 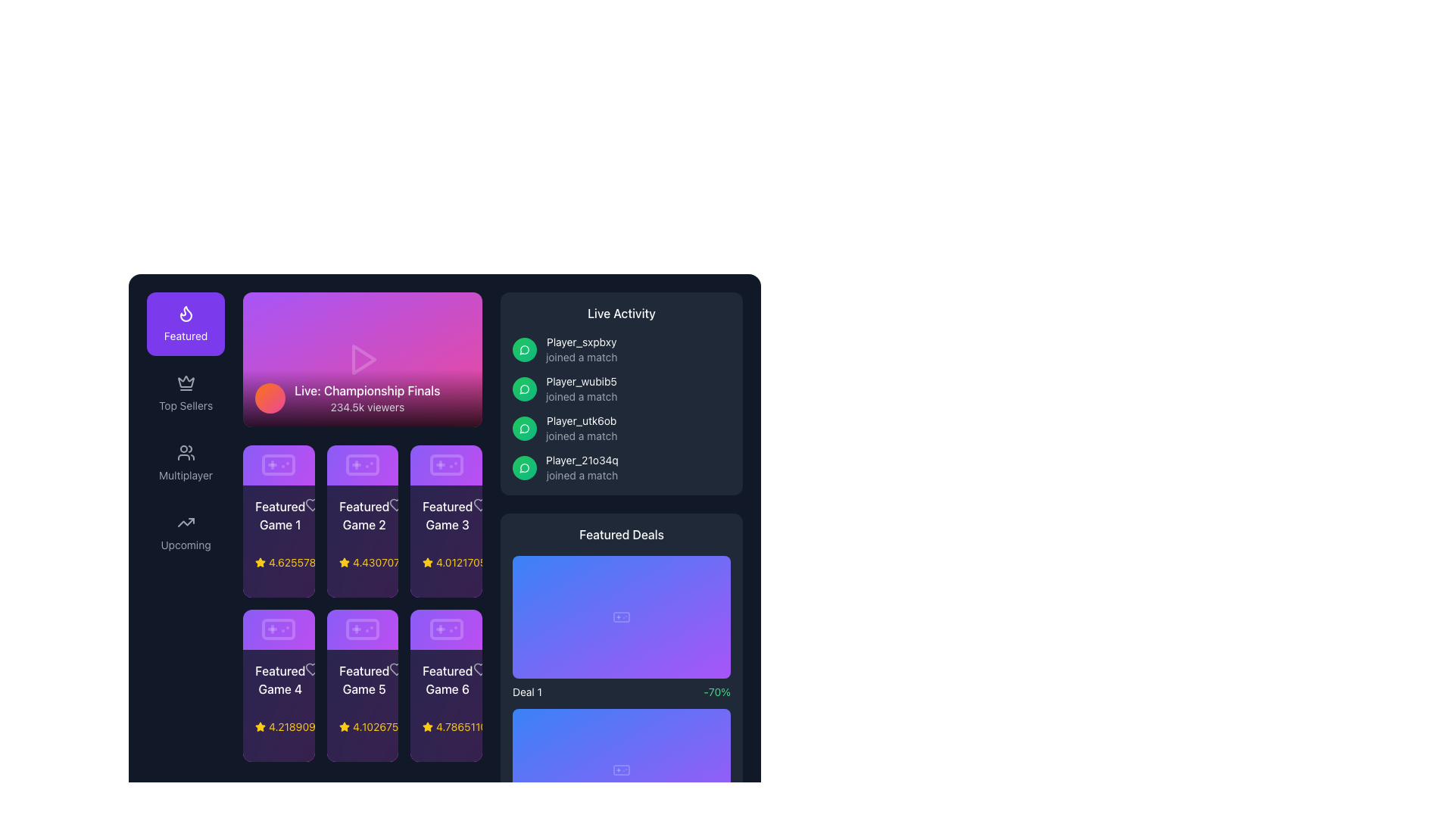 I want to click on the rating represented by the star icon located under the 'Featured Game 5' card in the 'Featured Games' section, which is in the second column of the second row, so click(x=343, y=726).